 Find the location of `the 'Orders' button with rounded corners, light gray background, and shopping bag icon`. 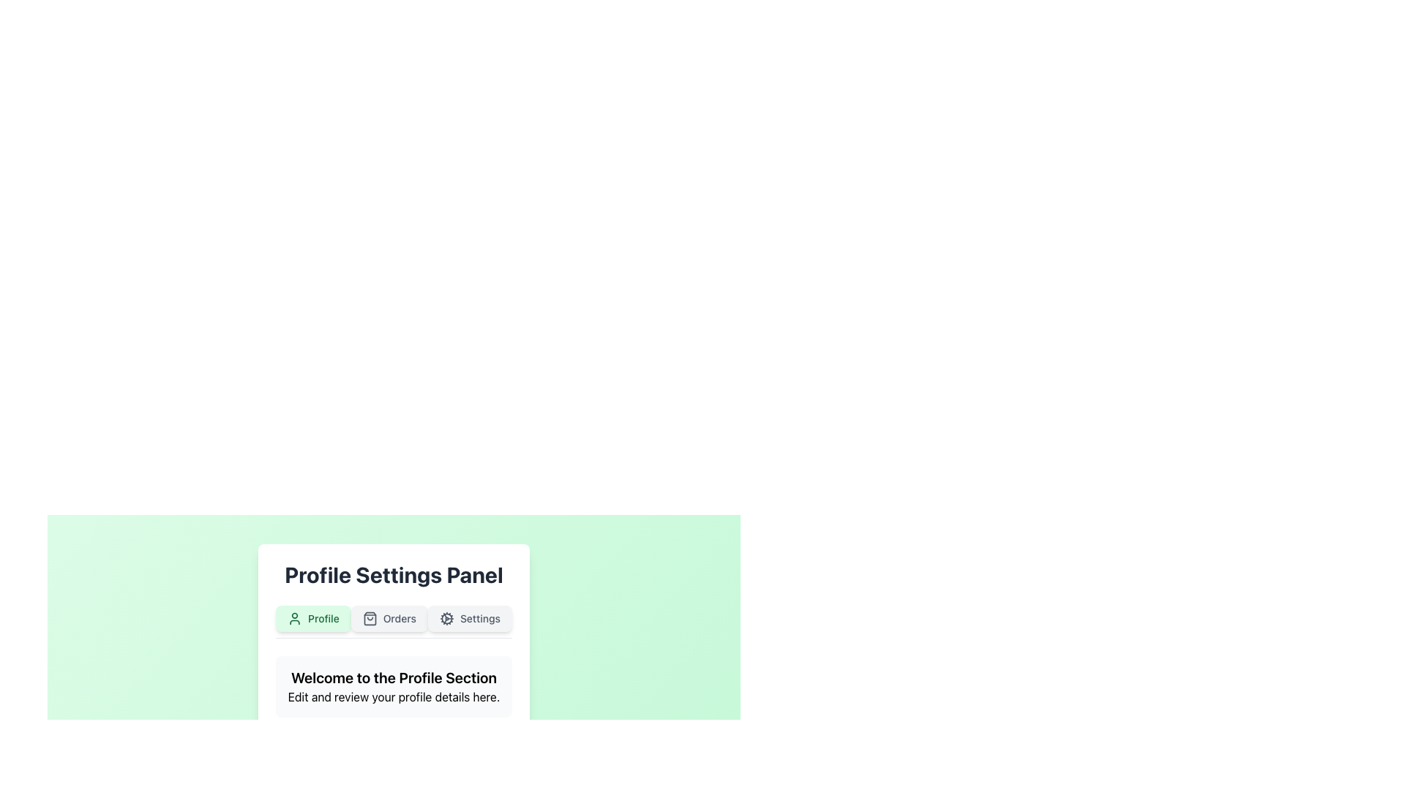

the 'Orders' button with rounded corners, light gray background, and shopping bag icon is located at coordinates (389, 618).